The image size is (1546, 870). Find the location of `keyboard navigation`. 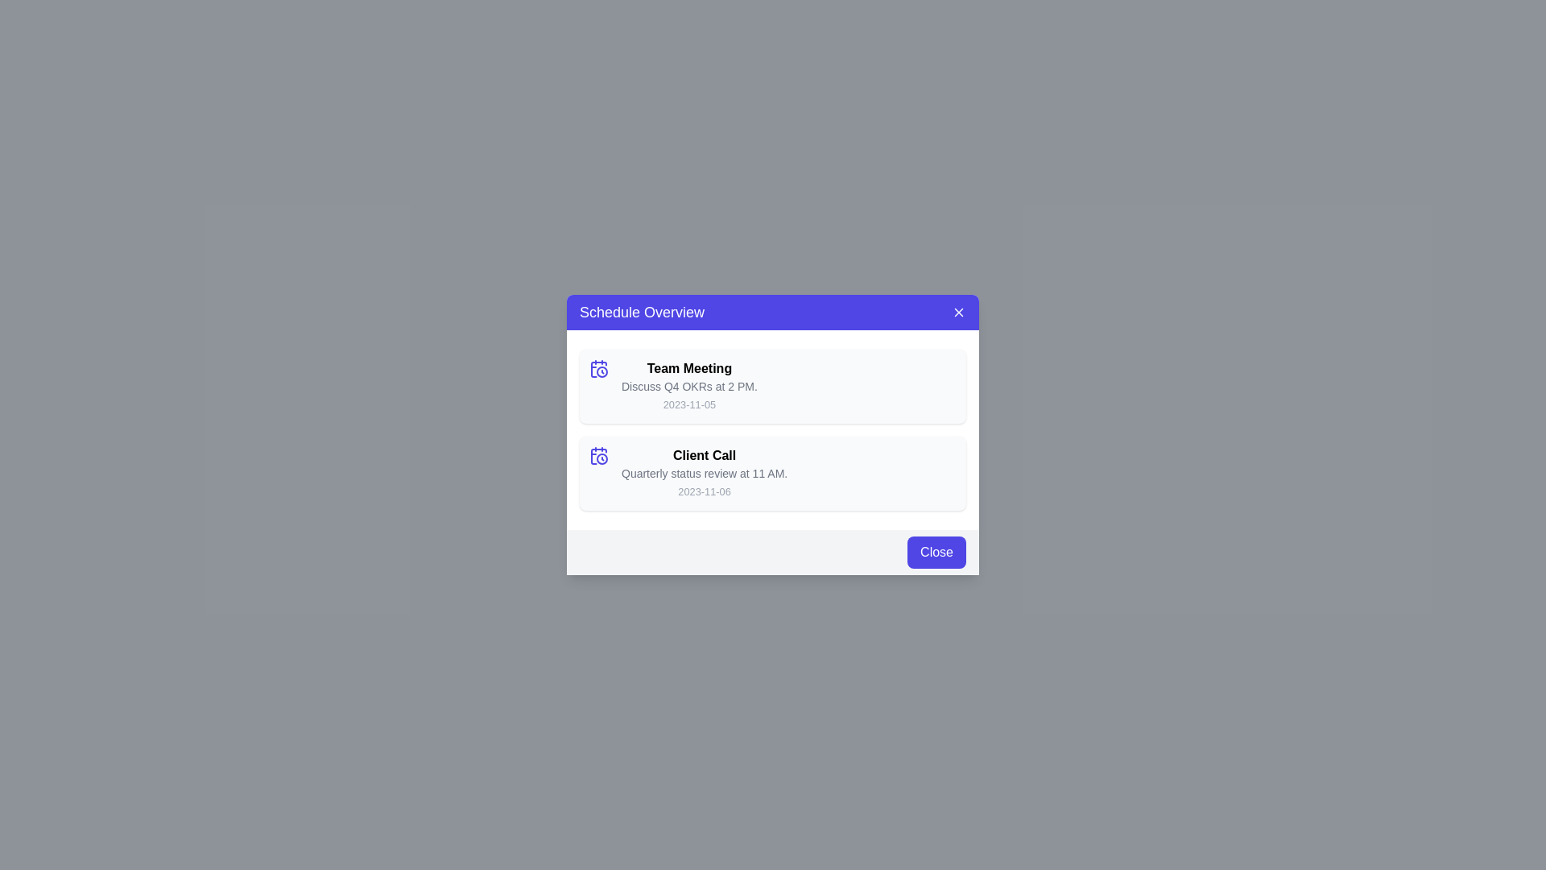

keyboard navigation is located at coordinates (936, 552).